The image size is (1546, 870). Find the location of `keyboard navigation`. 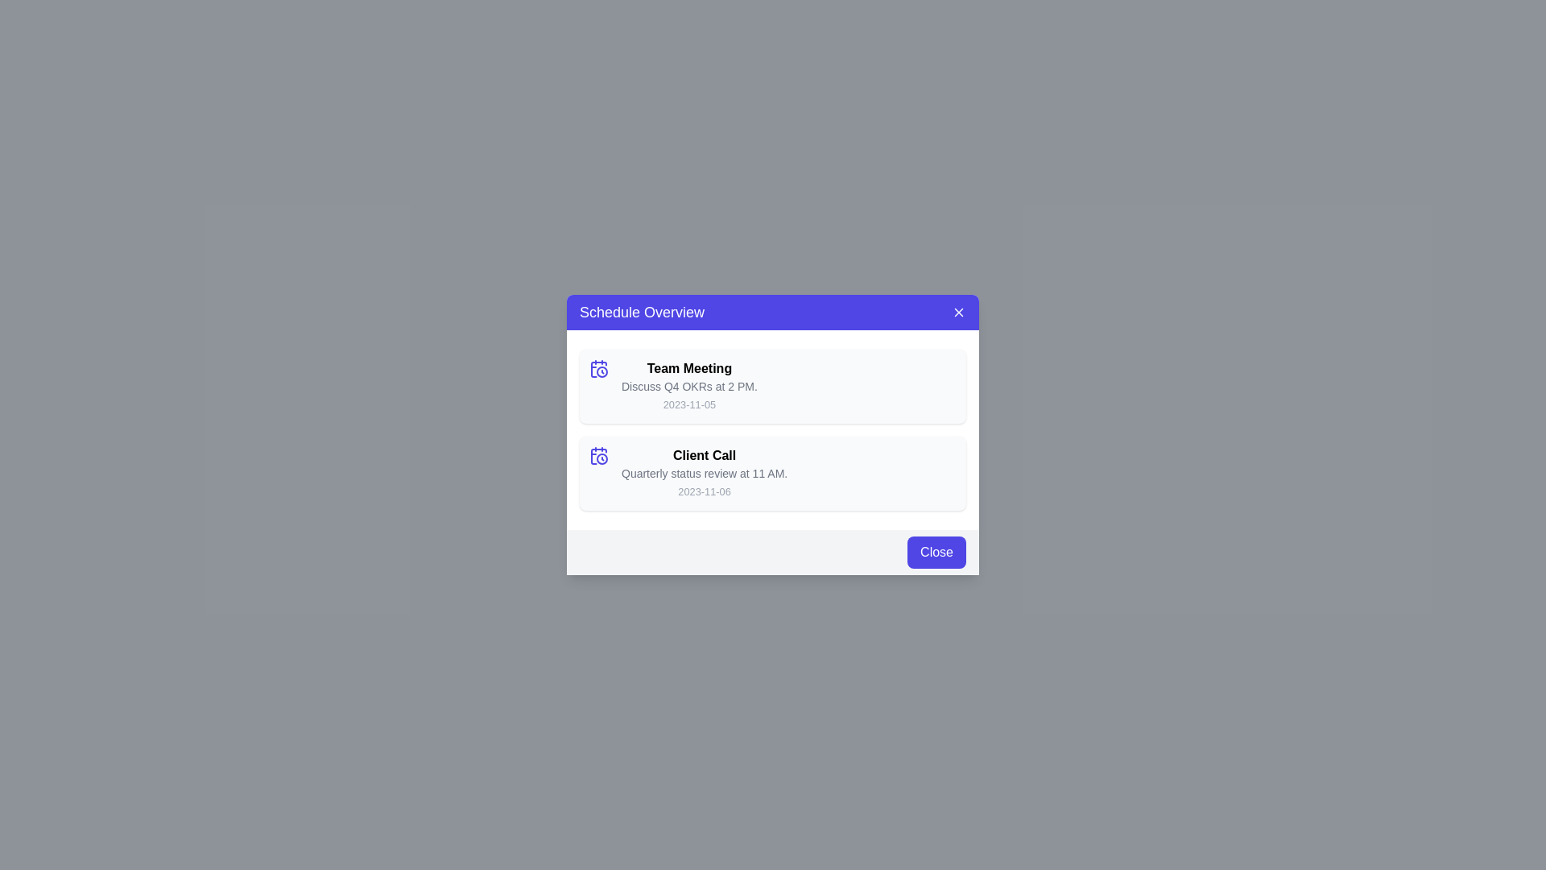

keyboard navigation is located at coordinates (936, 552).